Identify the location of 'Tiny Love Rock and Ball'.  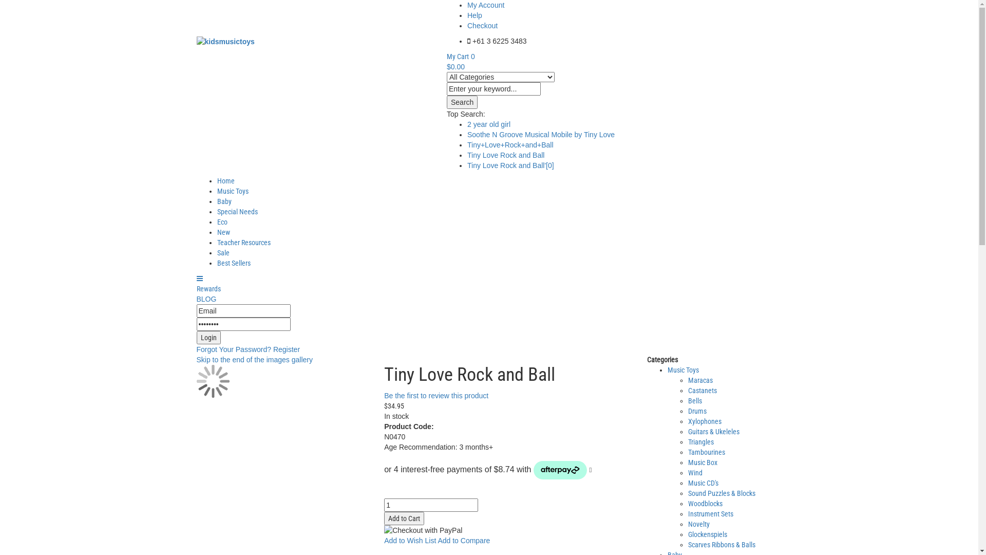
(505, 155).